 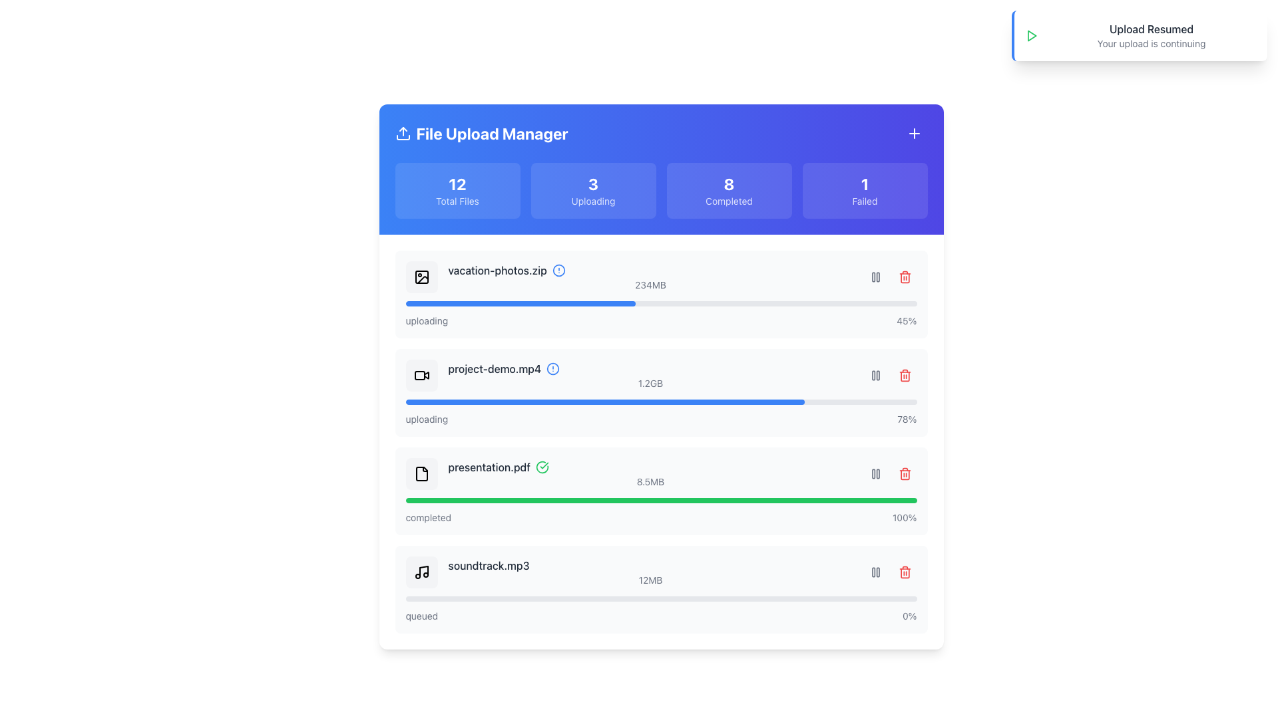 I want to click on the delete button located next to the progress bar and file details of the second item in the file list, so click(x=905, y=375).